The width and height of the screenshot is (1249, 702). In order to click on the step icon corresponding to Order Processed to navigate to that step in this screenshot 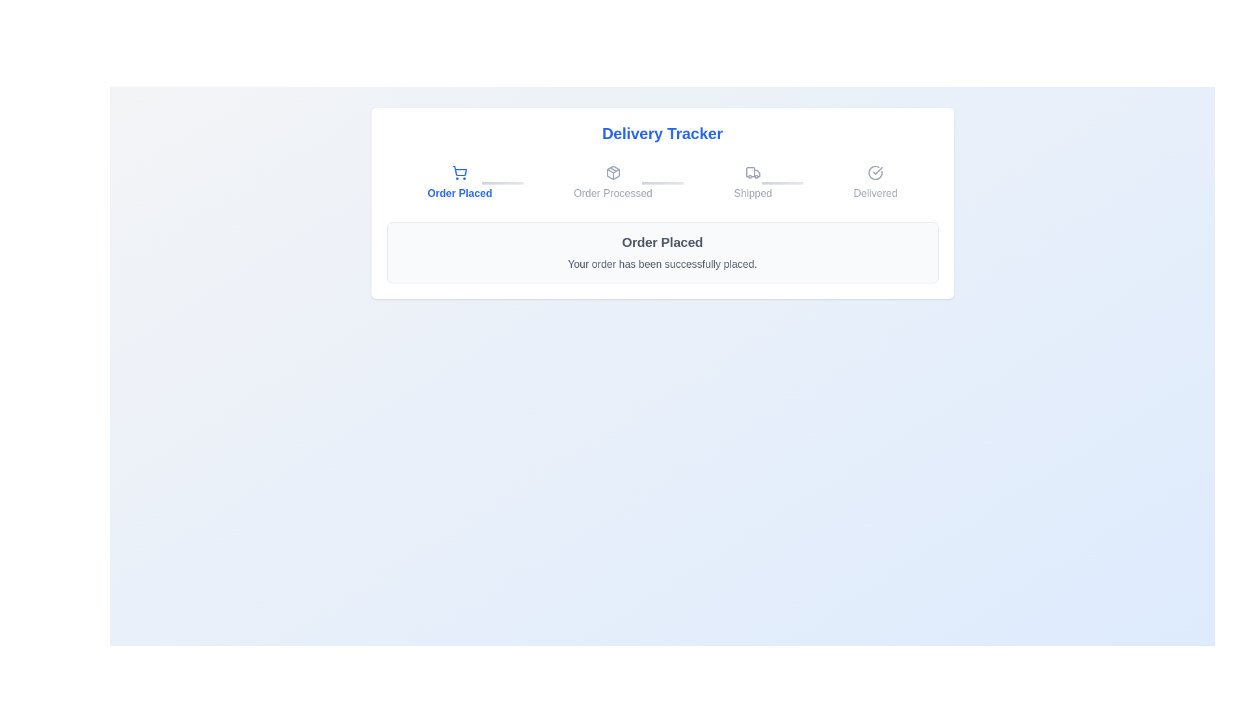, I will do `click(612, 183)`.